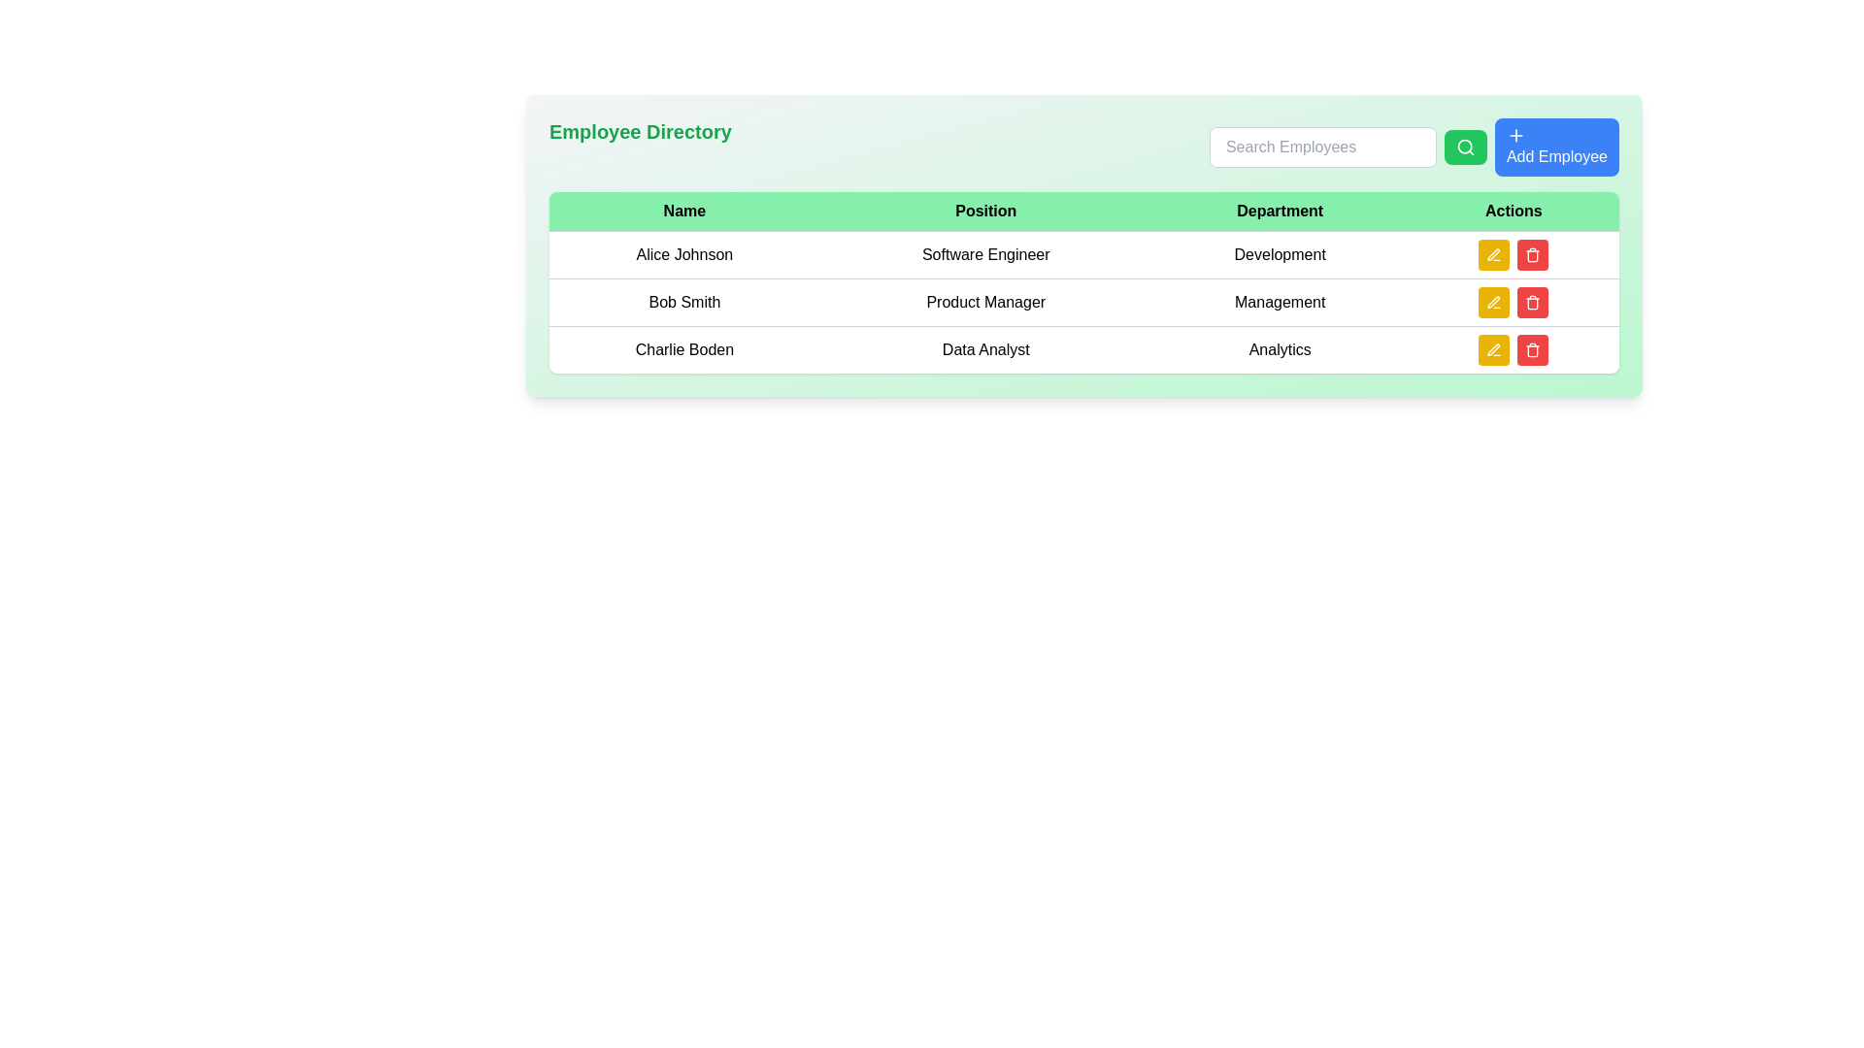 The height and width of the screenshot is (1048, 1864). What do you see at coordinates (640, 146) in the screenshot?
I see `the Text Label that serves as a title for the Employee Directory section, positioned at the top left among its siblings` at bounding box center [640, 146].